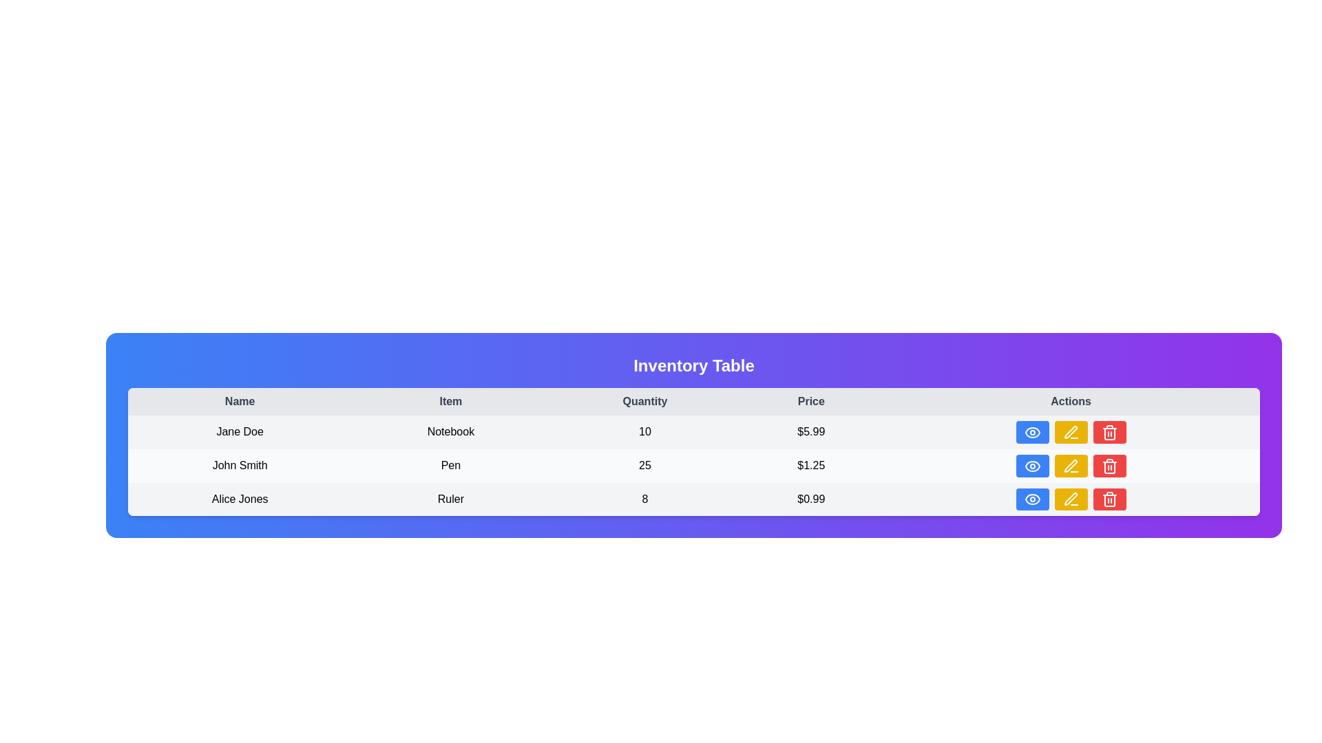 Image resolution: width=1322 pixels, height=743 pixels. Describe the element at coordinates (811, 465) in the screenshot. I see `the static text label indicating the price for 'John Smith' in the main inventory table, located in the fourth column, with '25' to its left and action icons to its right` at that location.